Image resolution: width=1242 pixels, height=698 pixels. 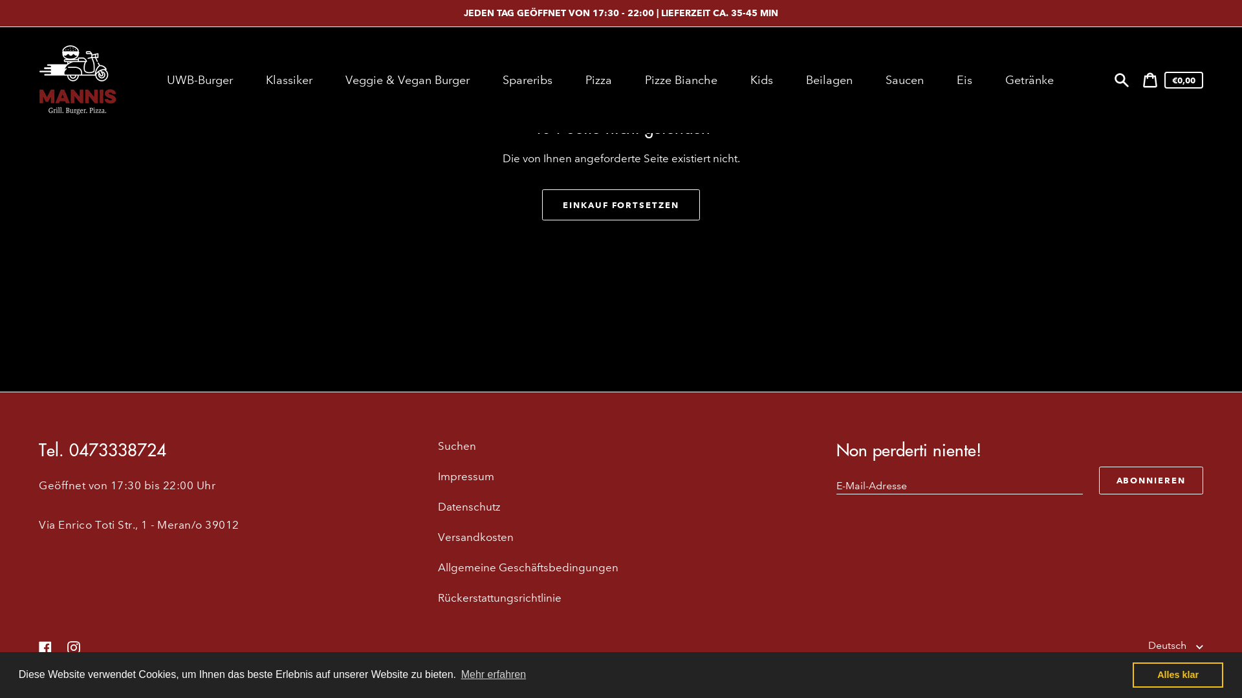 I want to click on 'Facebook', so click(x=45, y=646).